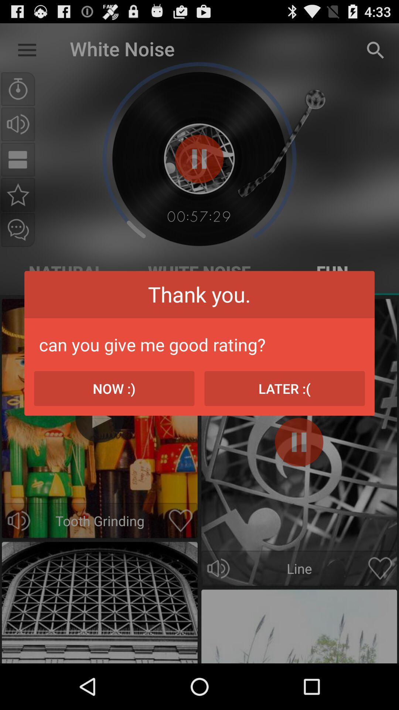 Image resolution: width=399 pixels, height=710 pixels. What do you see at coordinates (284, 388) in the screenshot?
I see `the icon next to the now :)` at bounding box center [284, 388].